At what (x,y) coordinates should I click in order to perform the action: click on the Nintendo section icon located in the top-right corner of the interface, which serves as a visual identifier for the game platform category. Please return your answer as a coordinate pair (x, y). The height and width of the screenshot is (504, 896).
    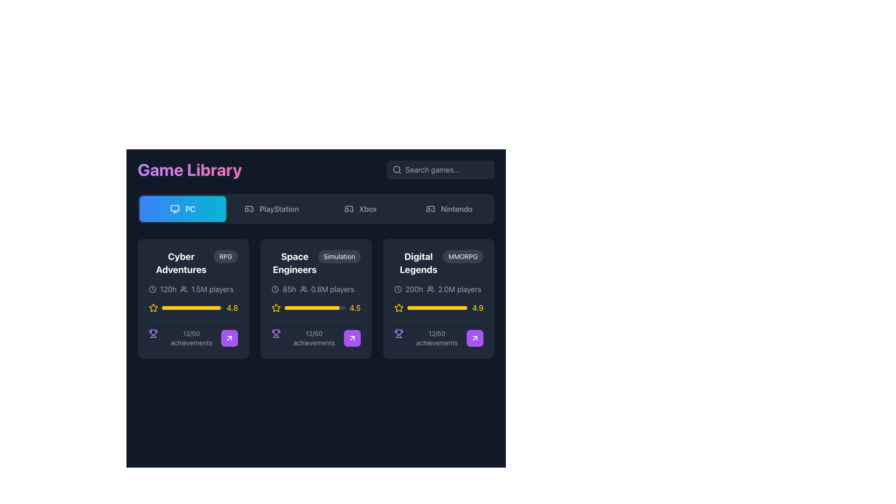
    Looking at the image, I should click on (430, 208).